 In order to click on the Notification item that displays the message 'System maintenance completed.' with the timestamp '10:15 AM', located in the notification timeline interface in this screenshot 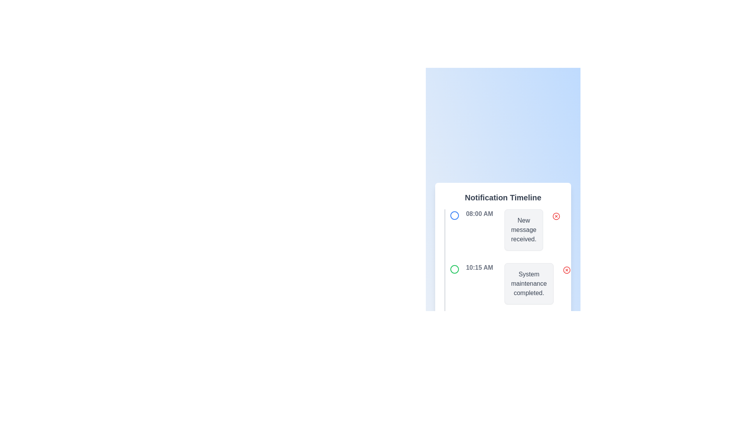, I will do `click(508, 287)`.